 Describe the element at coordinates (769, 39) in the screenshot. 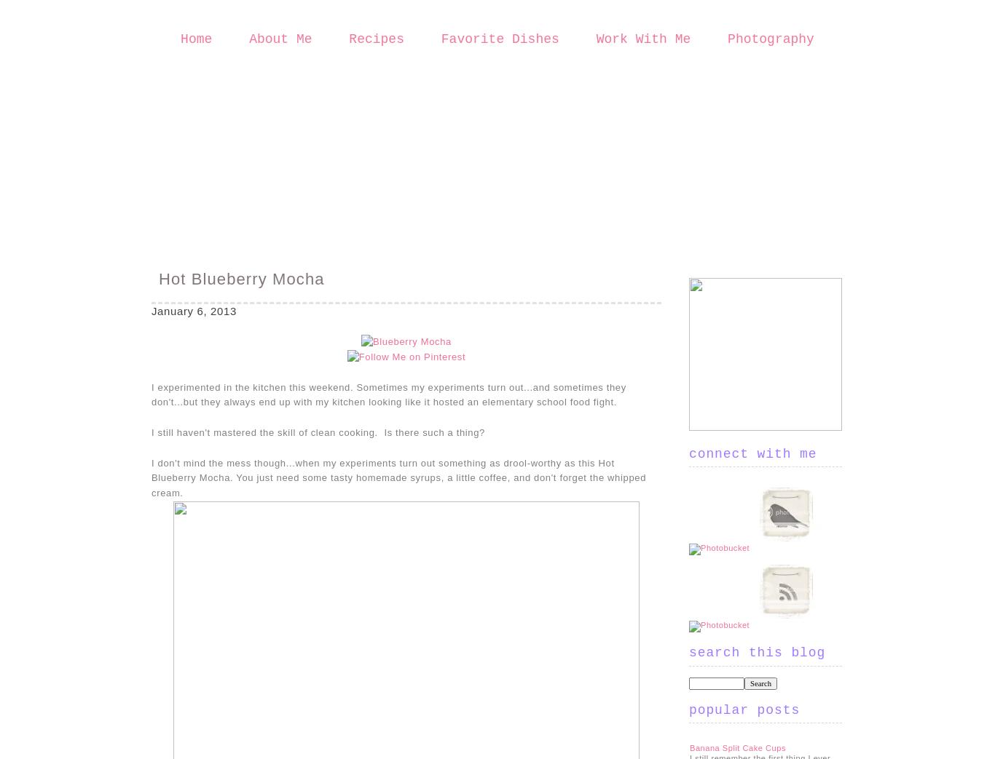

I see `'Photography'` at that location.